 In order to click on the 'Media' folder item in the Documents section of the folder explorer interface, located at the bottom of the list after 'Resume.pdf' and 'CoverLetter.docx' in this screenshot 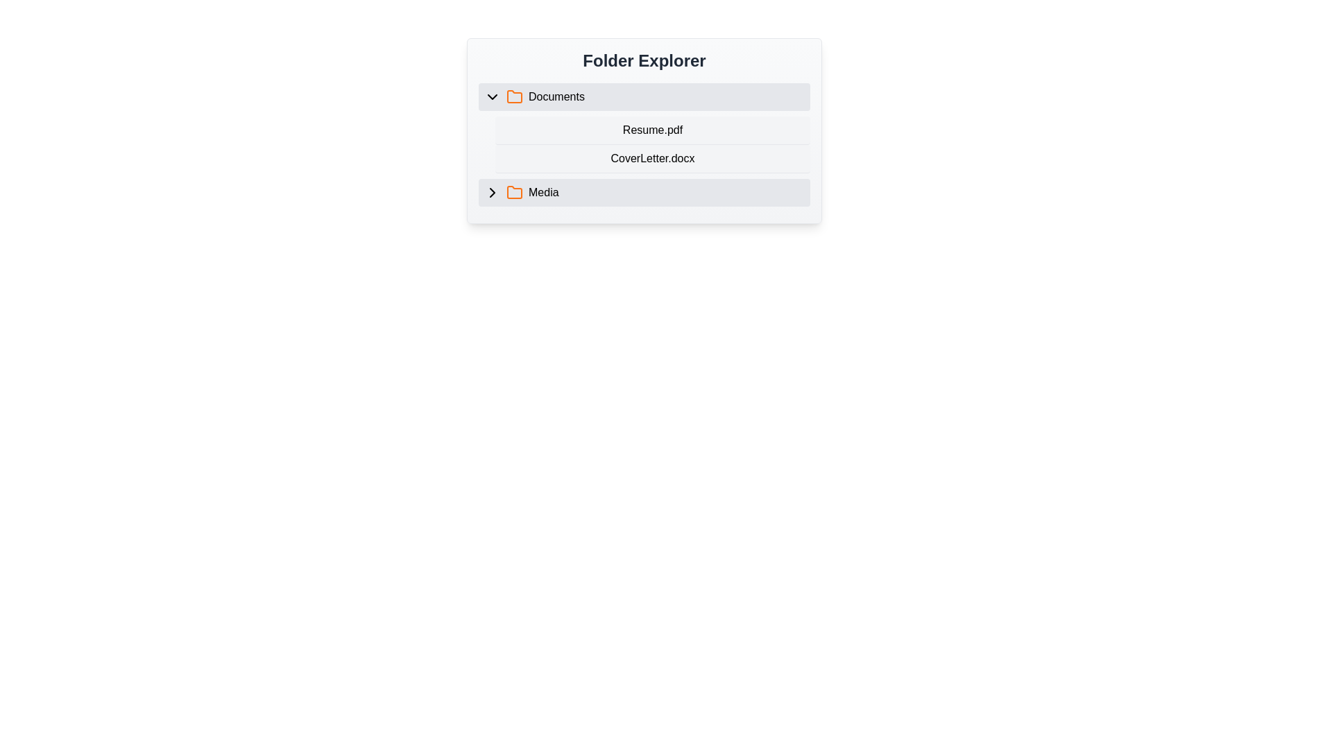, I will do `click(644, 192)`.